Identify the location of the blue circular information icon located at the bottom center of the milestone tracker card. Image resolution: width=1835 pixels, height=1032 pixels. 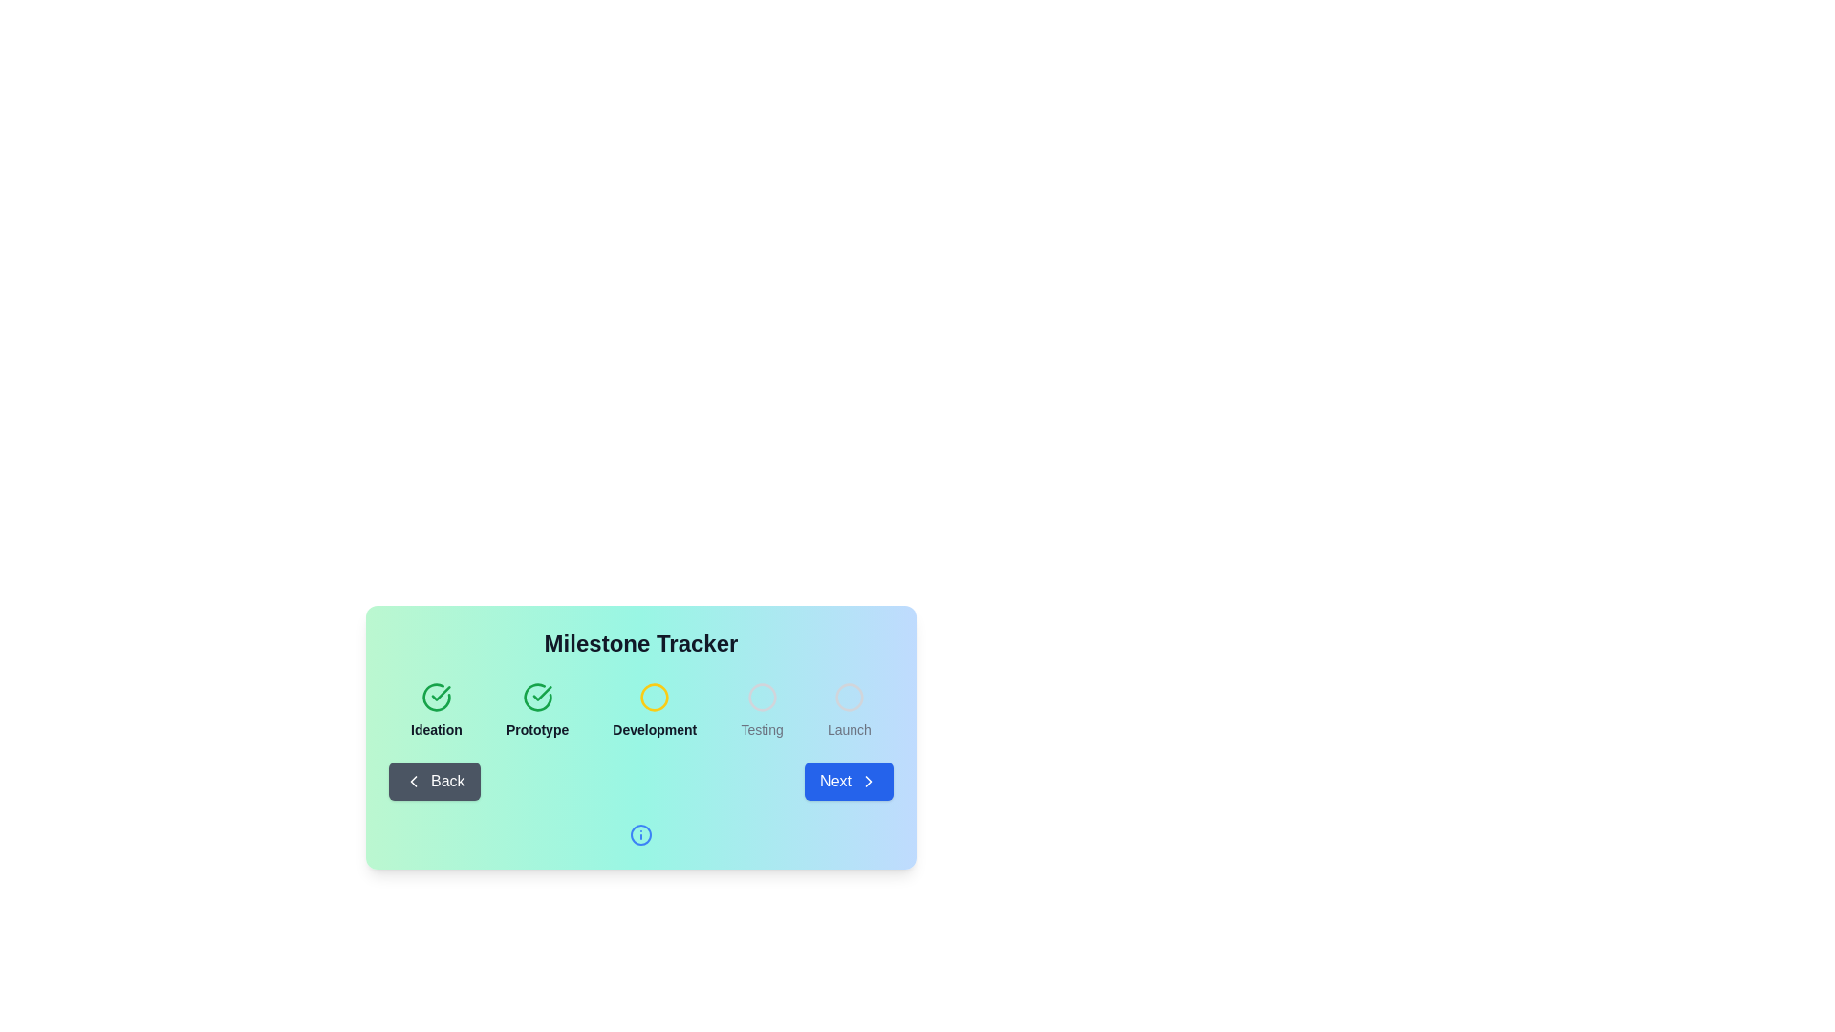
(641, 834).